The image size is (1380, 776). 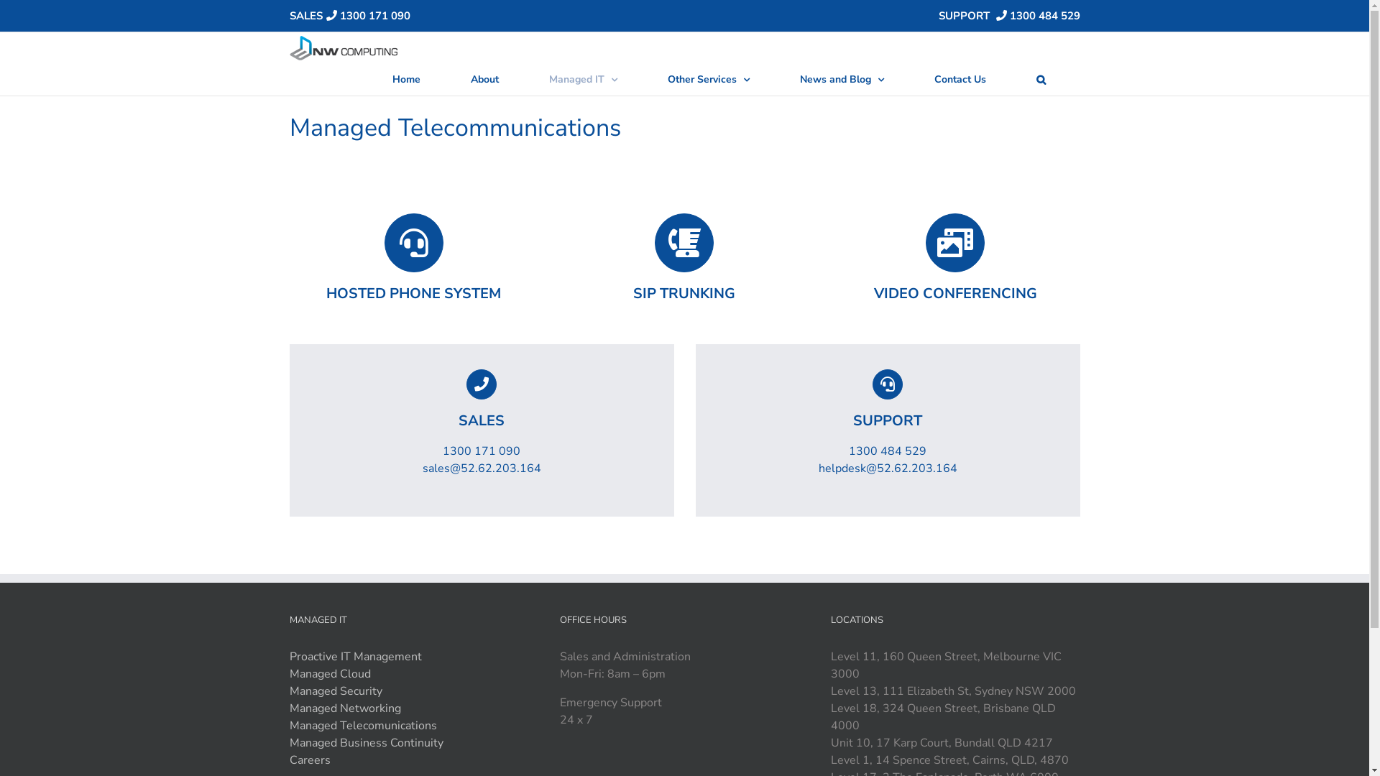 I want to click on 'Managed Business Continuity', so click(x=365, y=742).